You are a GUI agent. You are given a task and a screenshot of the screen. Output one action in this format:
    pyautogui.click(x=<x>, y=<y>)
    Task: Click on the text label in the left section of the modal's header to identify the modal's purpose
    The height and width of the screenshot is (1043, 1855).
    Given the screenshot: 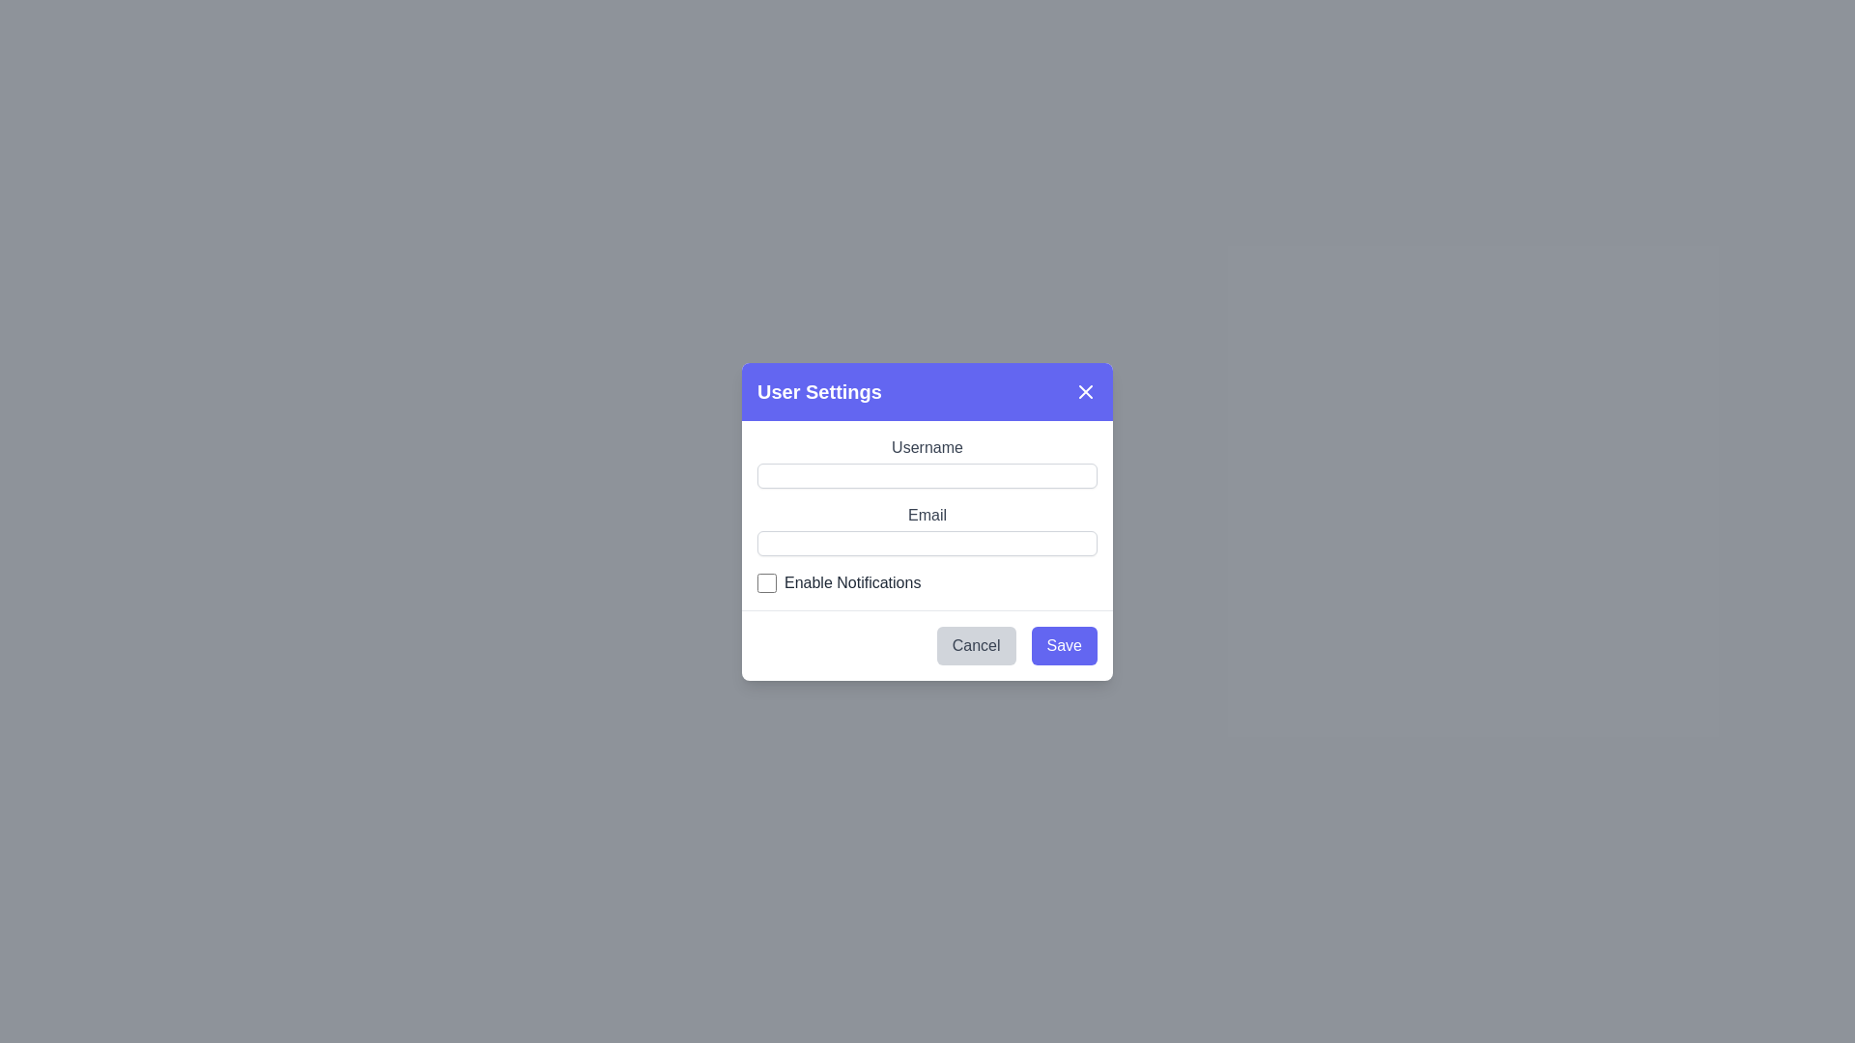 What is the action you would take?
    pyautogui.click(x=819, y=391)
    